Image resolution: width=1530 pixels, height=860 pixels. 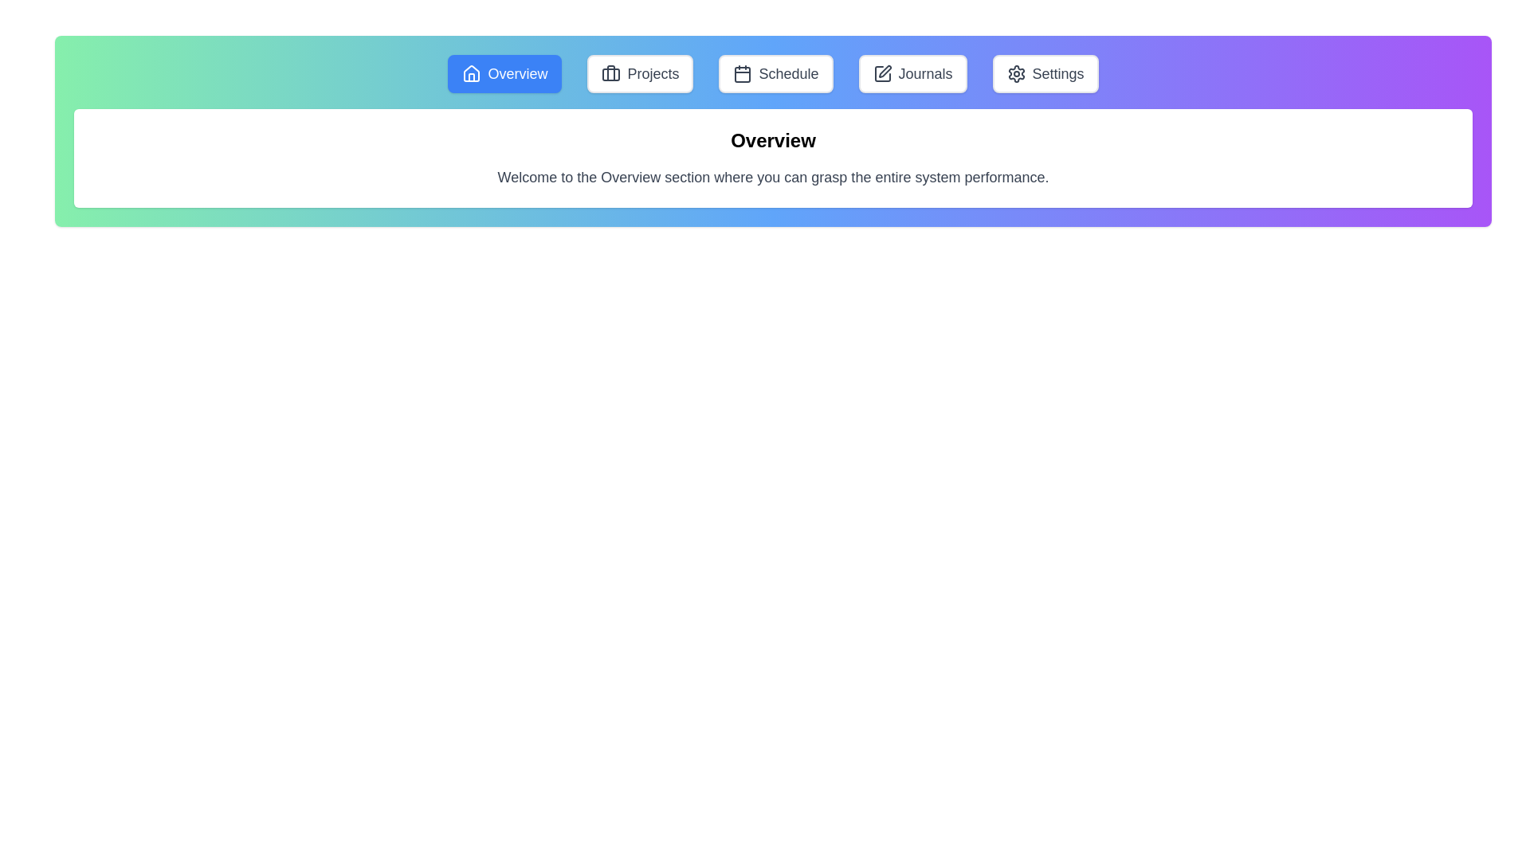 I want to click on the text block that displays 'Welcome to the Overview section where you can grasp the entire system performance.', located directly below the 'Overview' heading, so click(x=773, y=178).